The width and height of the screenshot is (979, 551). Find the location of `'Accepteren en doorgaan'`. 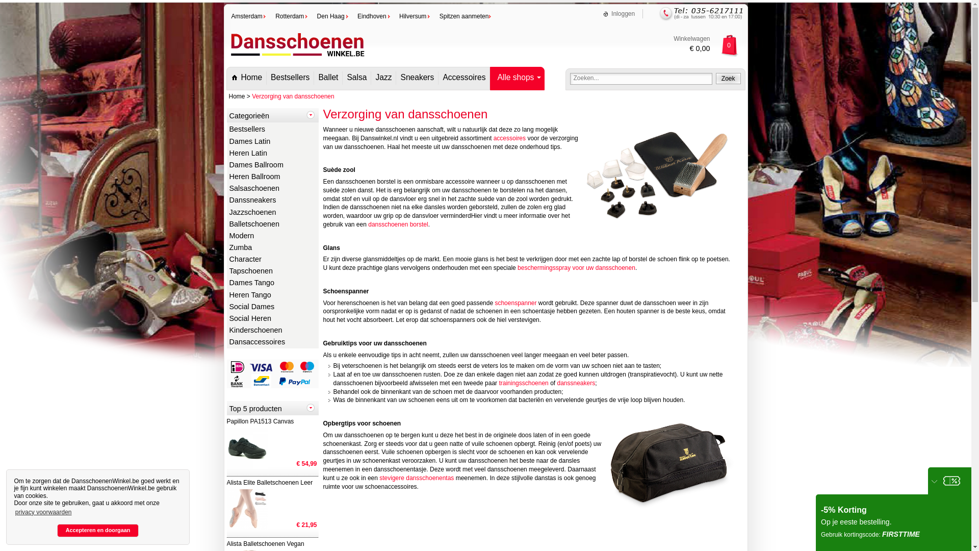

'Accepteren en doorgaan' is located at coordinates (97, 530).